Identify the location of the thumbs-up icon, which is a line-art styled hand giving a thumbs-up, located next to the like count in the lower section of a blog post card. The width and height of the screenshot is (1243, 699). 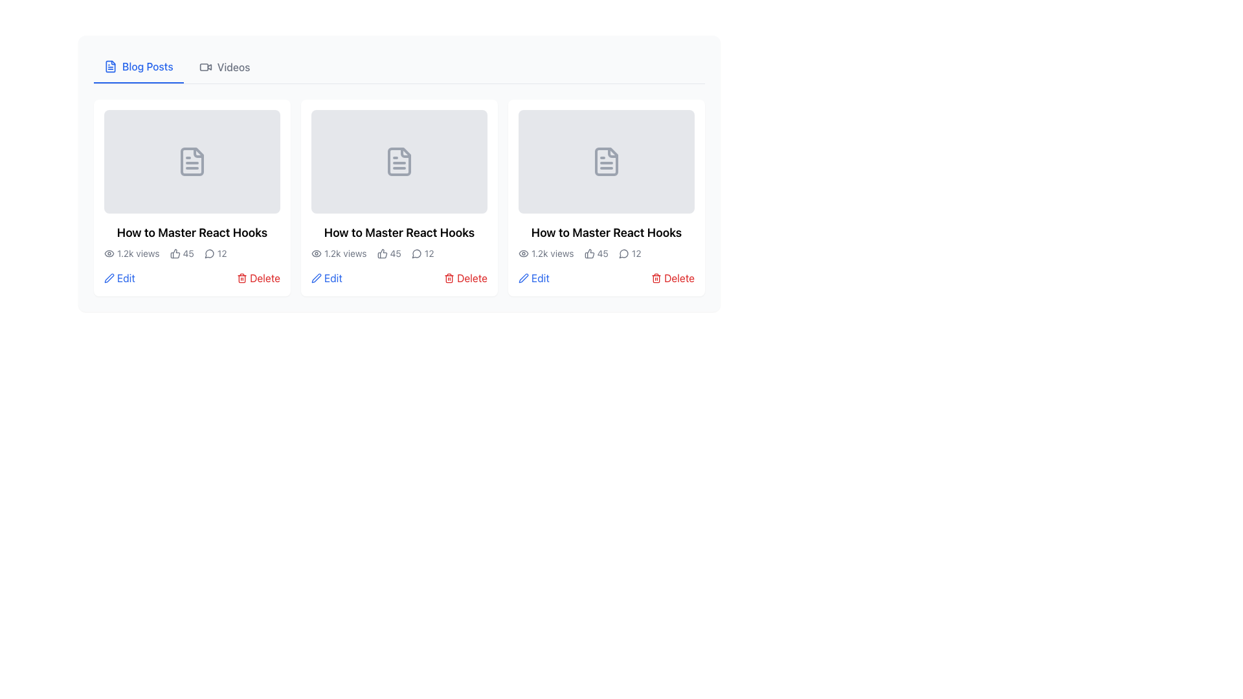
(588, 254).